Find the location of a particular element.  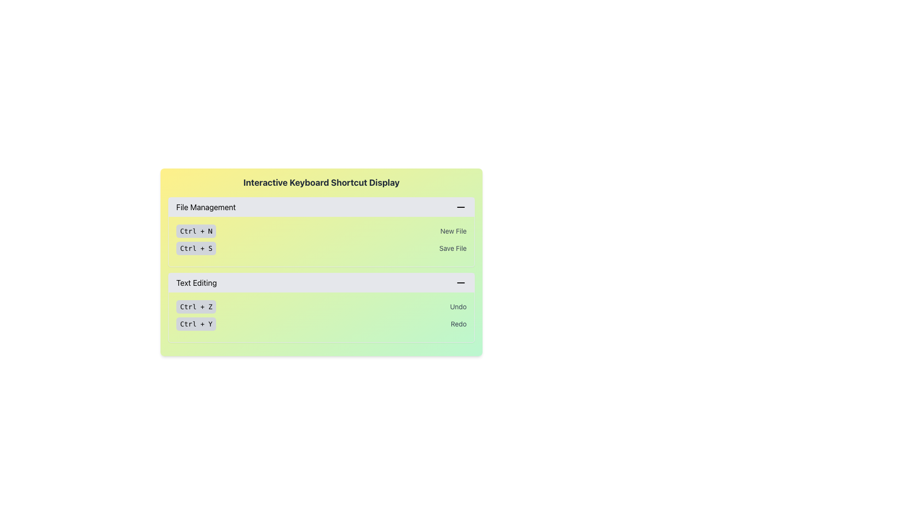

the second item in the 'File Management' group that presents a keyboard shortcut and its corresponding action, located below 'Ctrl + N New File' is located at coordinates (322, 248).